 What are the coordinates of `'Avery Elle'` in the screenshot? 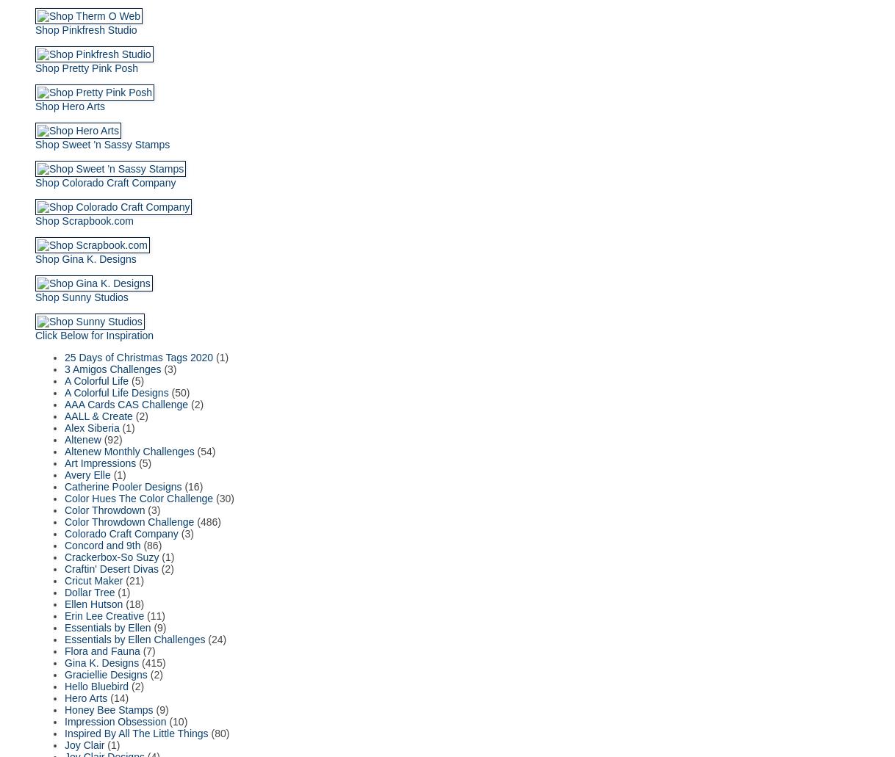 It's located at (64, 474).